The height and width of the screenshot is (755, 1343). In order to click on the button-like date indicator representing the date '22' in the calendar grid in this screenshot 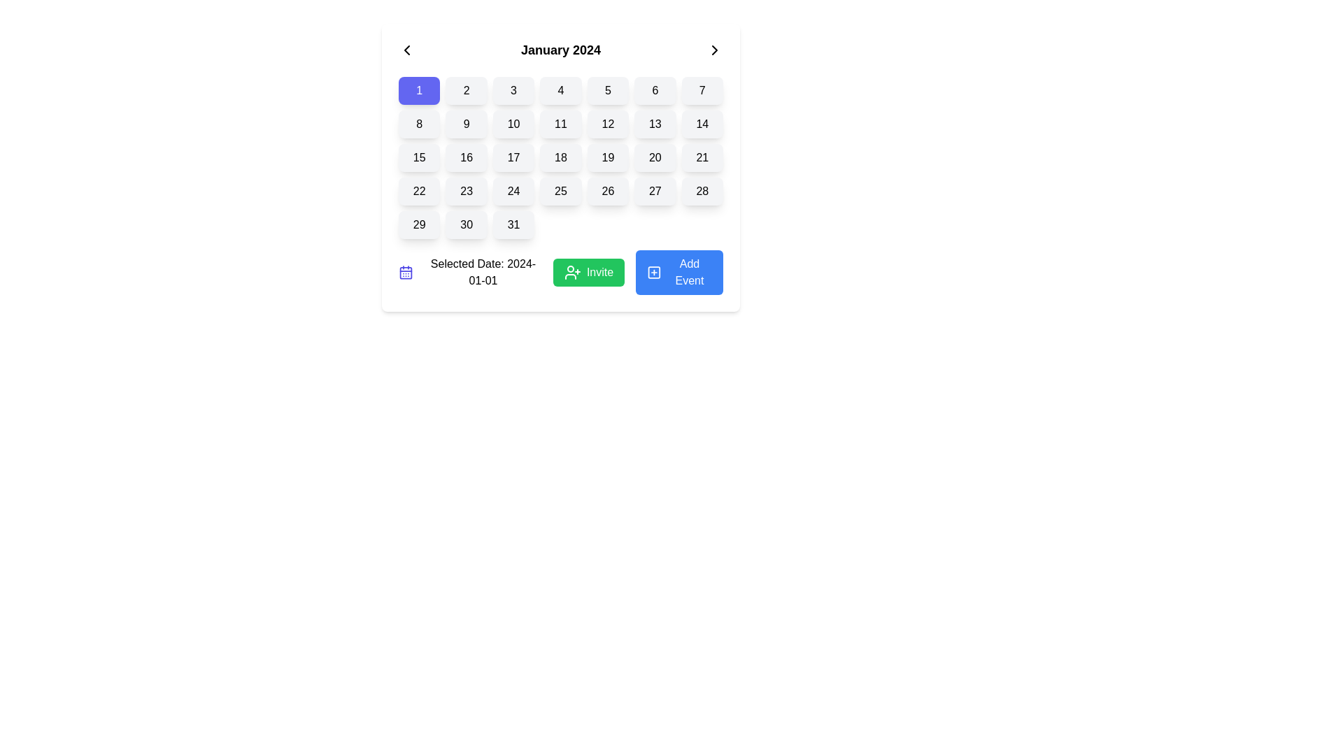, I will do `click(418, 191)`.